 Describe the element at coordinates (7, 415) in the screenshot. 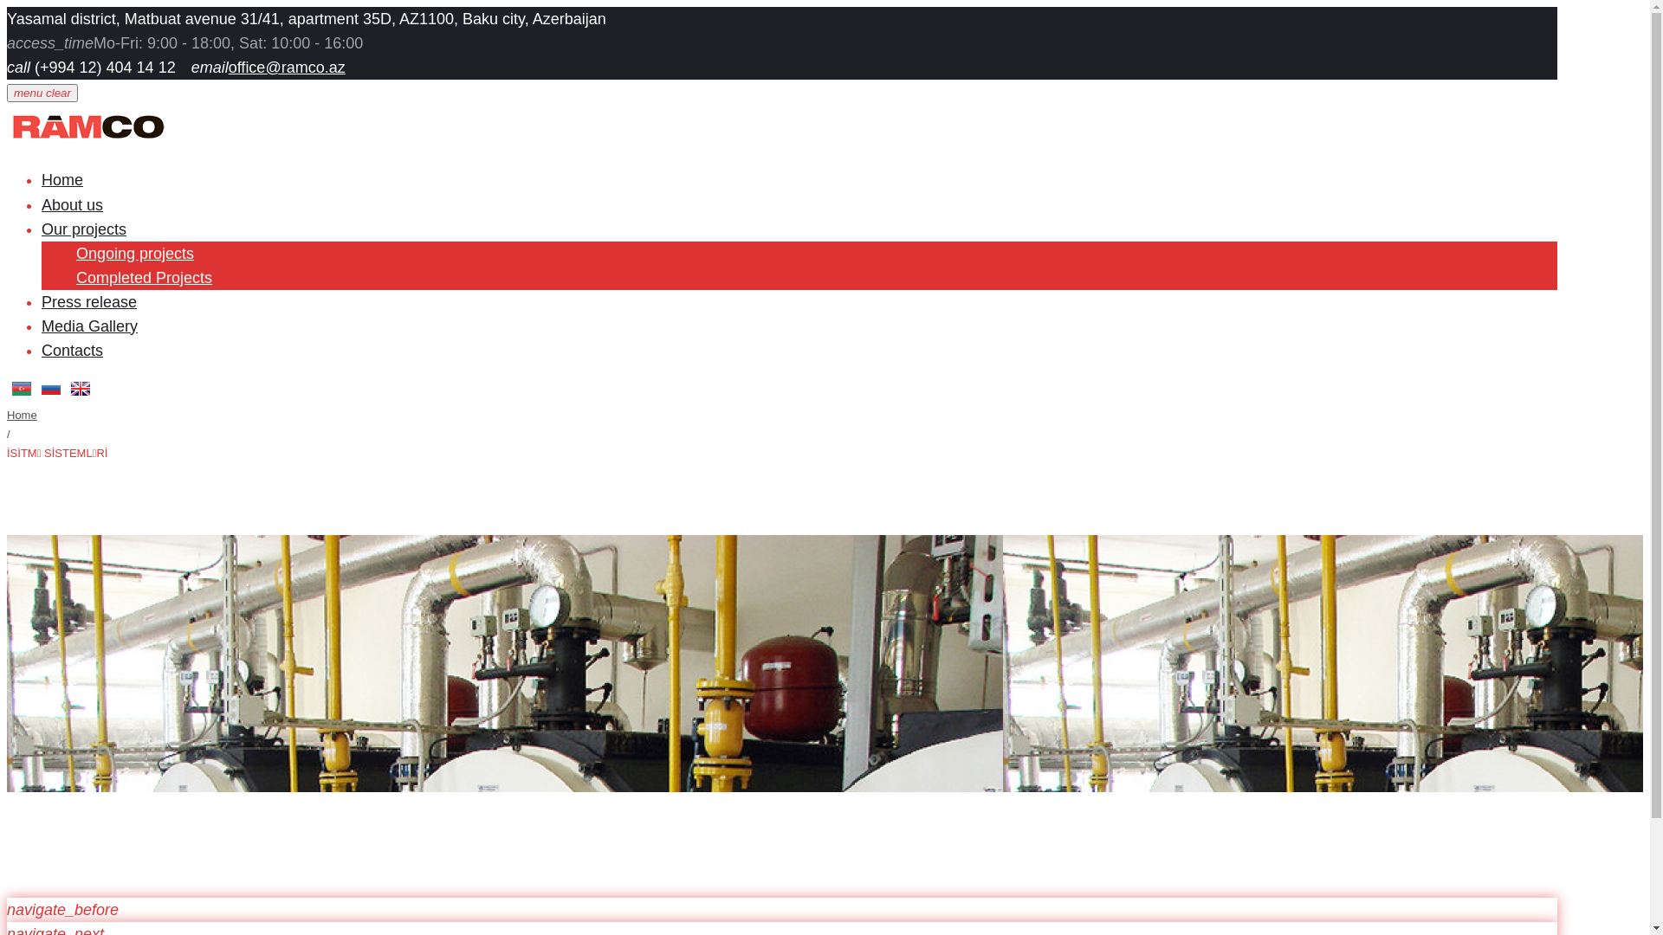

I see `'Home'` at that location.